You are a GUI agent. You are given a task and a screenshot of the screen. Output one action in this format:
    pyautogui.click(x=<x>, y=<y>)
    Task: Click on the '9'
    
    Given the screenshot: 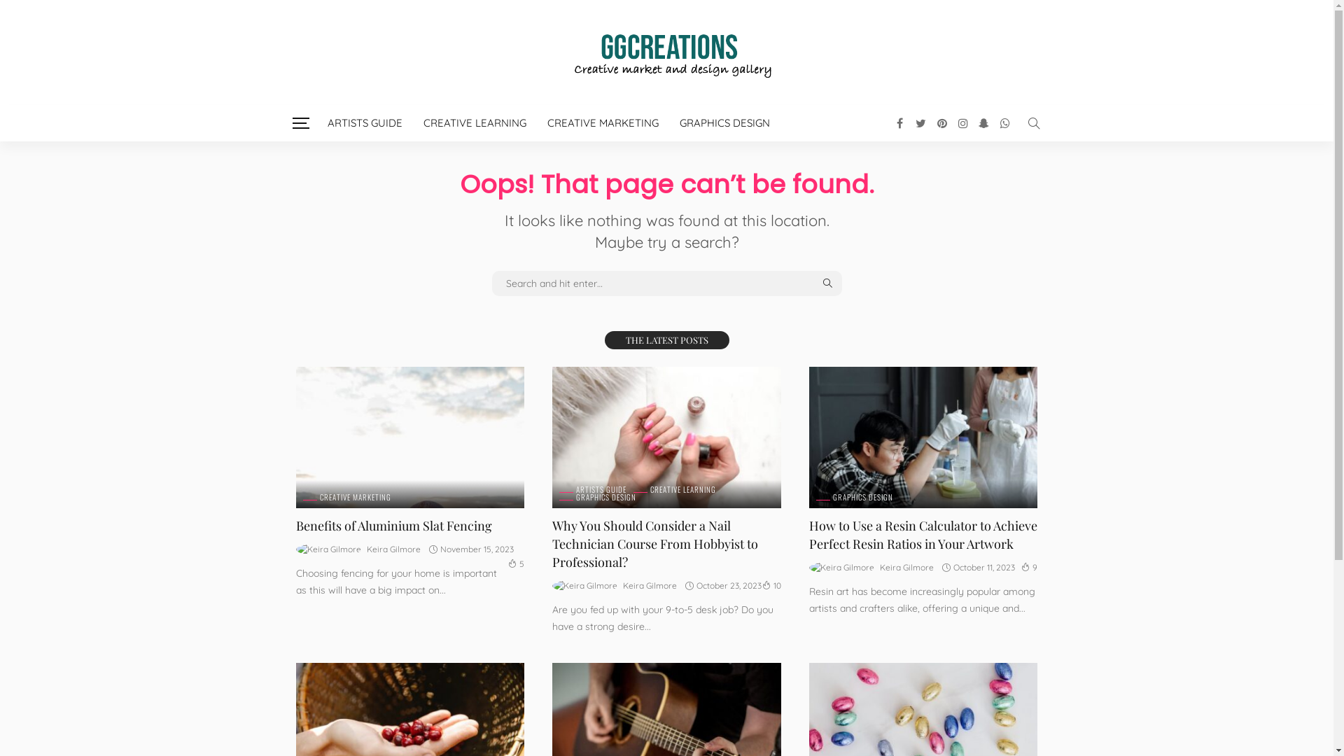 What is the action you would take?
    pyautogui.click(x=1029, y=567)
    